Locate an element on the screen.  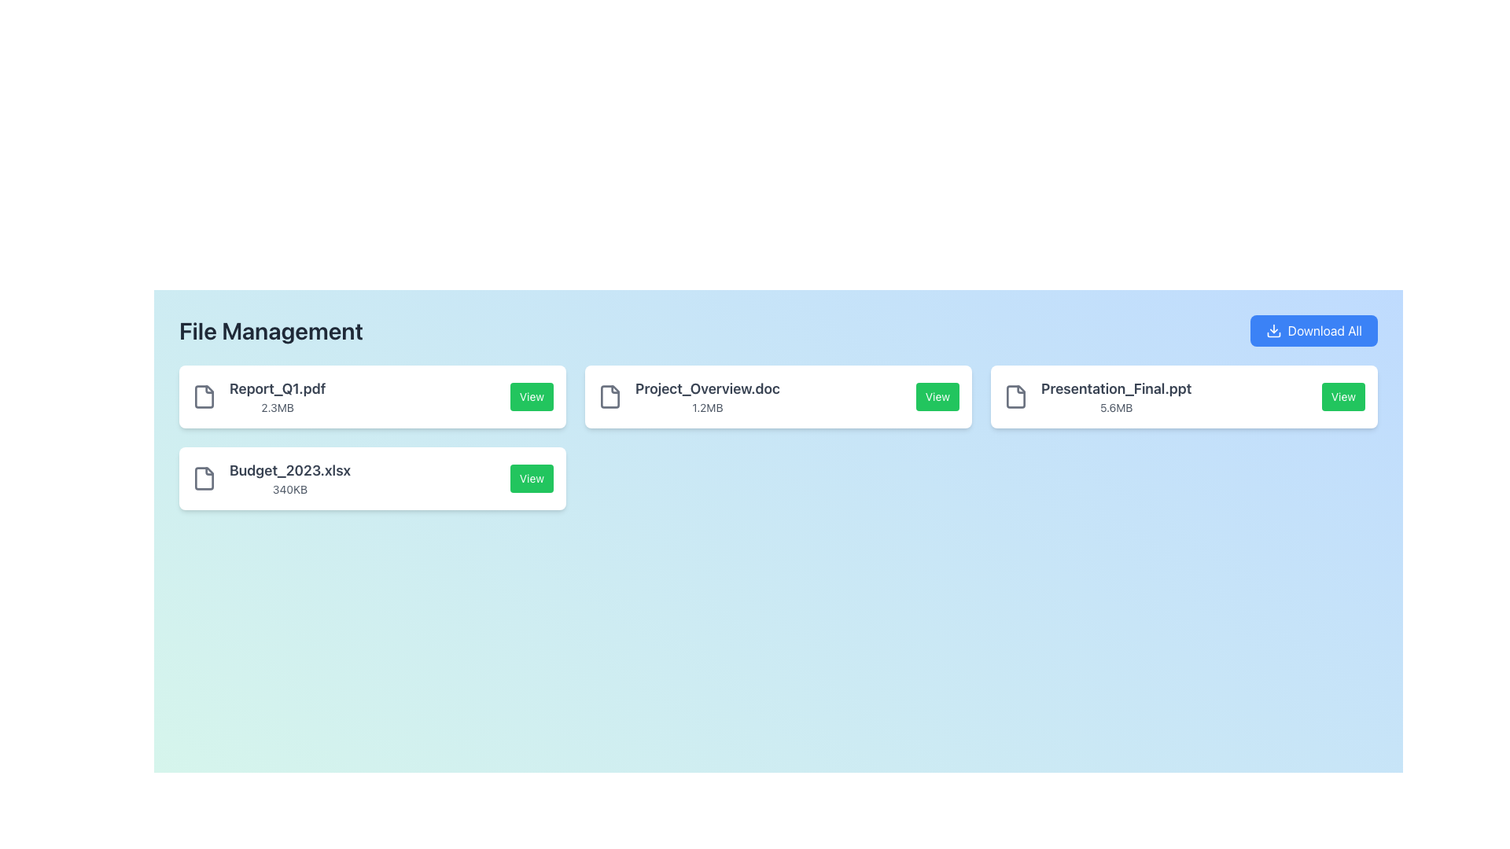
the static text element displaying 'Project_Overview.doc', which is positioned above '1.2MB' and to the right of the 'View' button in the third card of the file management grid is located at coordinates (706, 388).